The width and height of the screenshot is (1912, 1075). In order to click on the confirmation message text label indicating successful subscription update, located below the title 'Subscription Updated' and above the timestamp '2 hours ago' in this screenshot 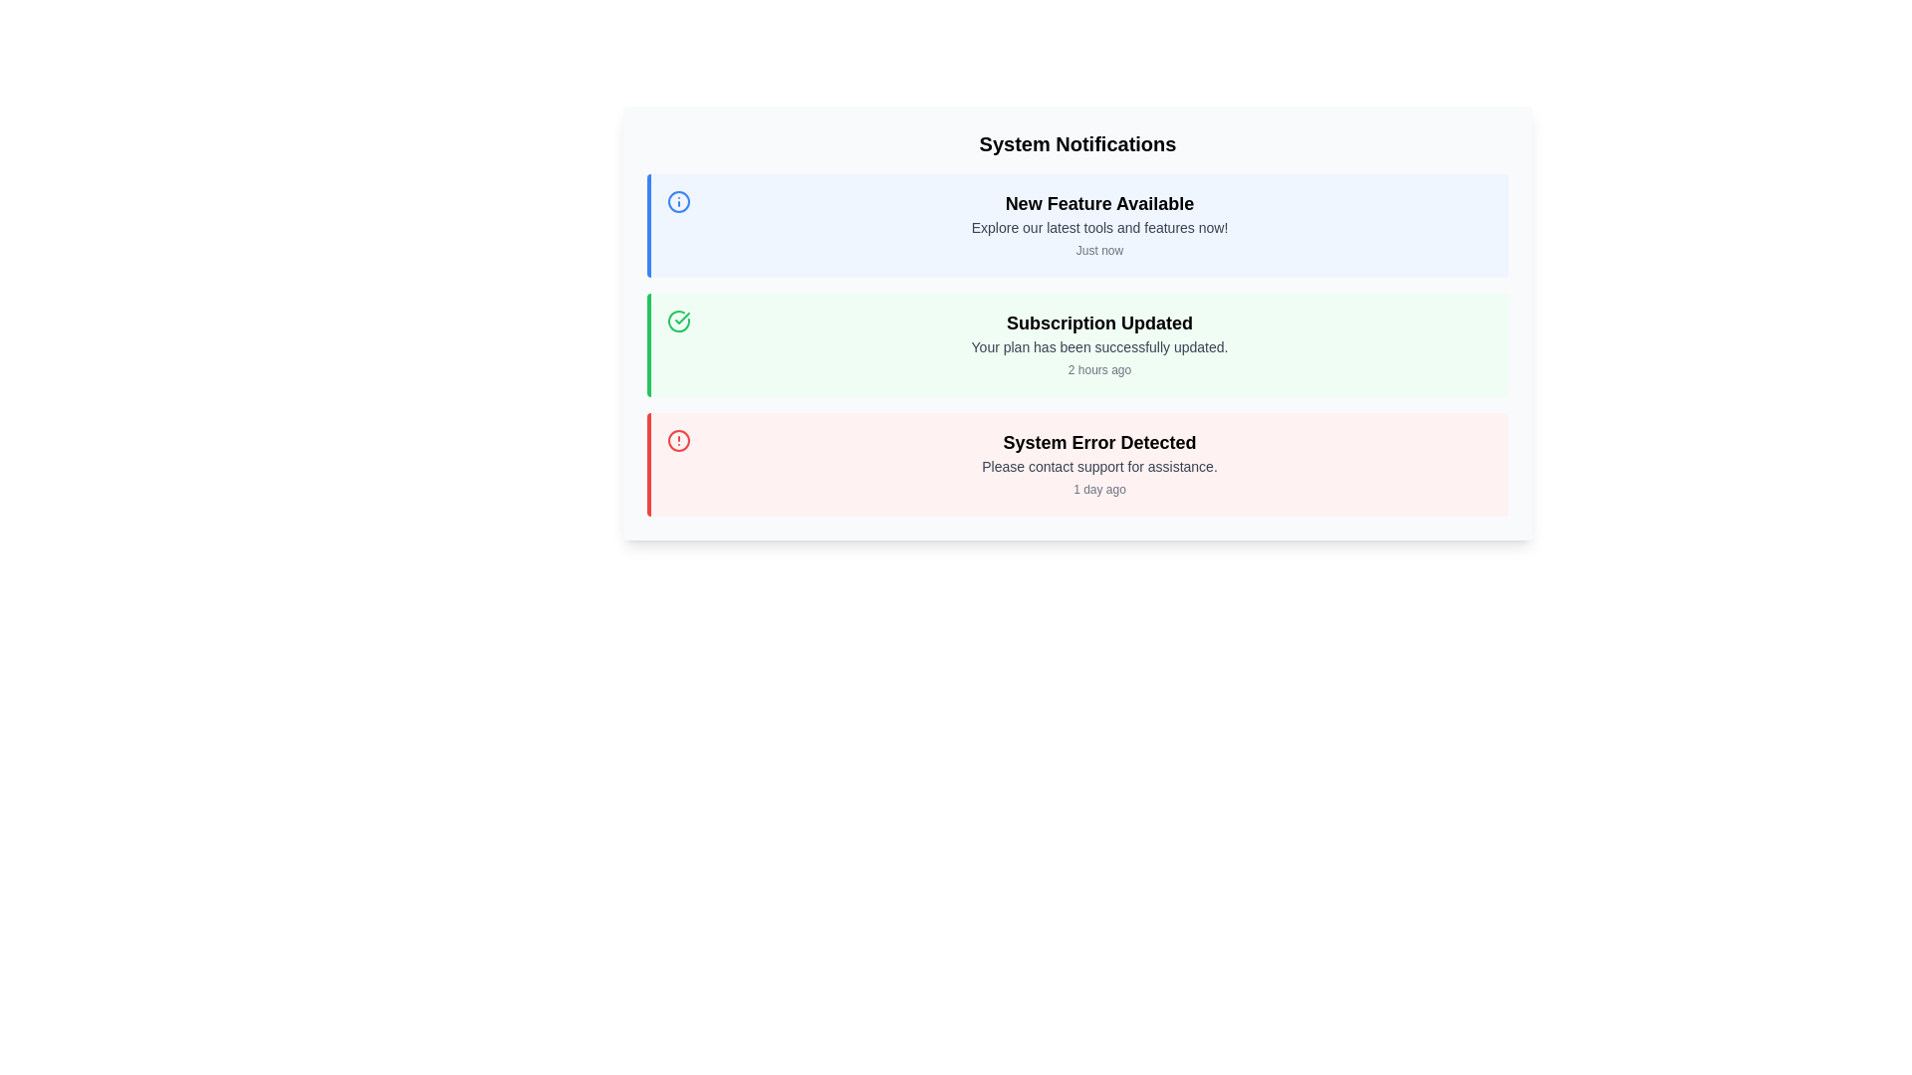, I will do `click(1098, 345)`.